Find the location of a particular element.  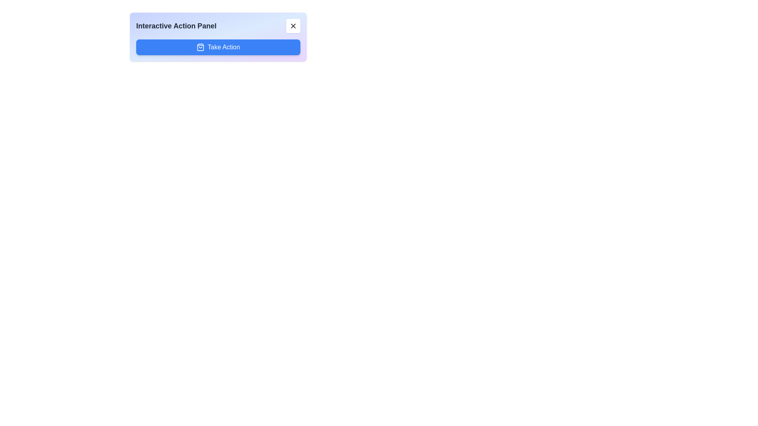

the shopping bag icon located at the start of the 'Take Action' button in the 'Interactive Action Panel' is located at coordinates (201, 47).